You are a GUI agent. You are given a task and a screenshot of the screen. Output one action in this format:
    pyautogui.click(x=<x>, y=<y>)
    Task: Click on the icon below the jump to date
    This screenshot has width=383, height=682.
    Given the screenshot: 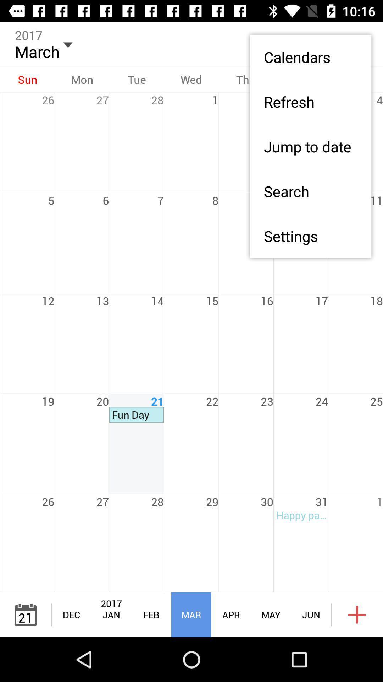 What is the action you would take?
    pyautogui.click(x=310, y=191)
    